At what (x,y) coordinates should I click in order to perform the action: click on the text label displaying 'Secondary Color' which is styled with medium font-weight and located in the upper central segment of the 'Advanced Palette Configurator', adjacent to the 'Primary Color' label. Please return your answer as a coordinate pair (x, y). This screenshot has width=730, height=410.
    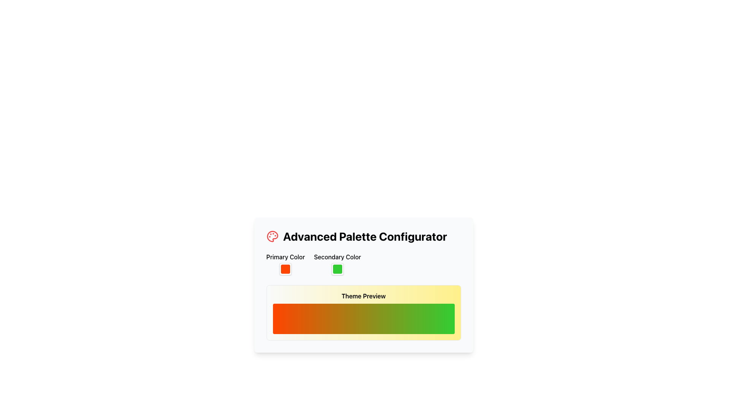
    Looking at the image, I should click on (337, 257).